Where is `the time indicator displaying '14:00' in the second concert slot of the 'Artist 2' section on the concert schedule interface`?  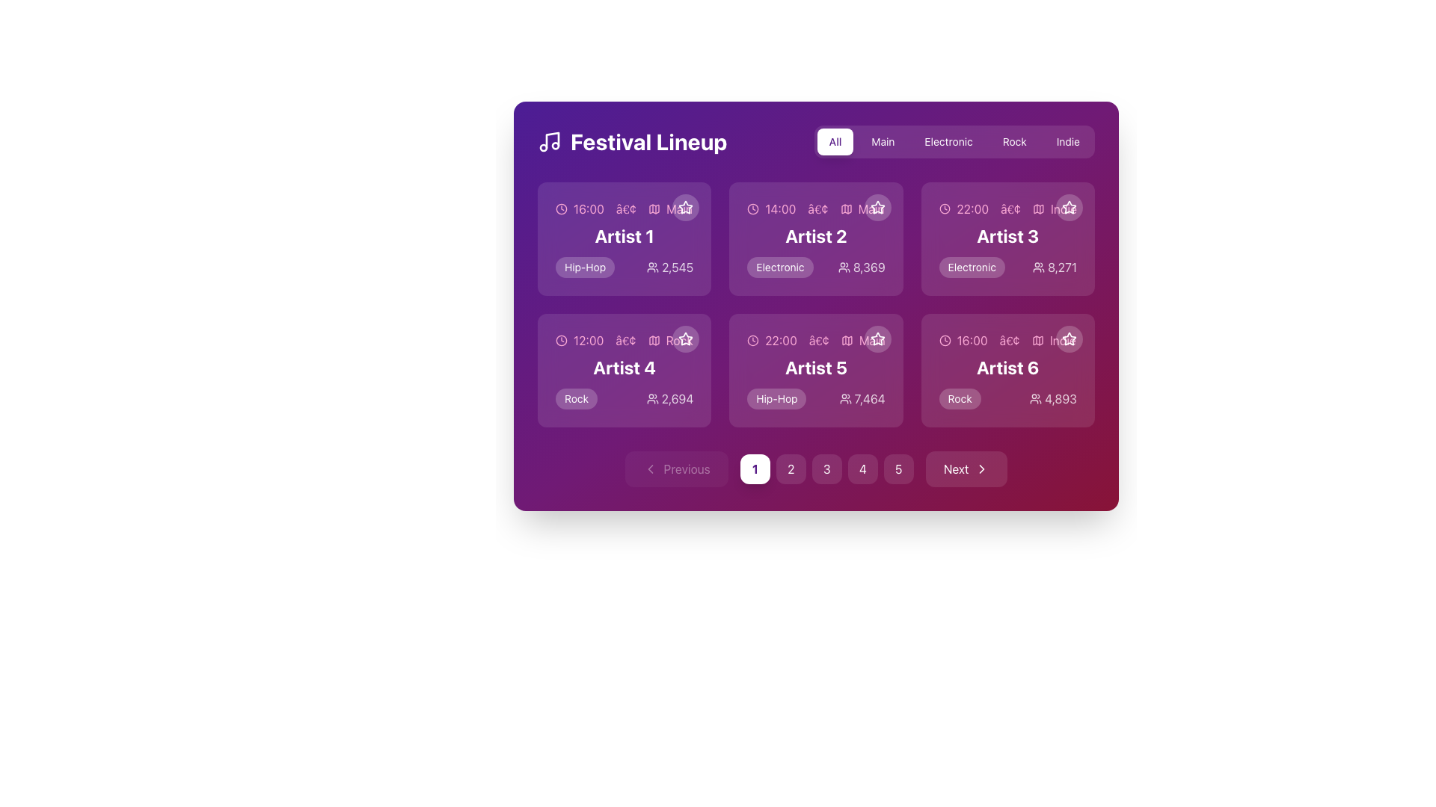
the time indicator displaying '14:00' in the second concert slot of the 'Artist 2' section on the concert schedule interface is located at coordinates (779, 209).